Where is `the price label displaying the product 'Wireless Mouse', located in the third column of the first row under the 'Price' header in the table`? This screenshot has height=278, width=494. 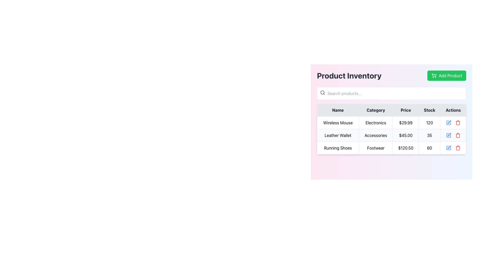
the price label displaying the product 'Wireless Mouse', located in the third column of the first row under the 'Price' header in the table is located at coordinates (405, 123).